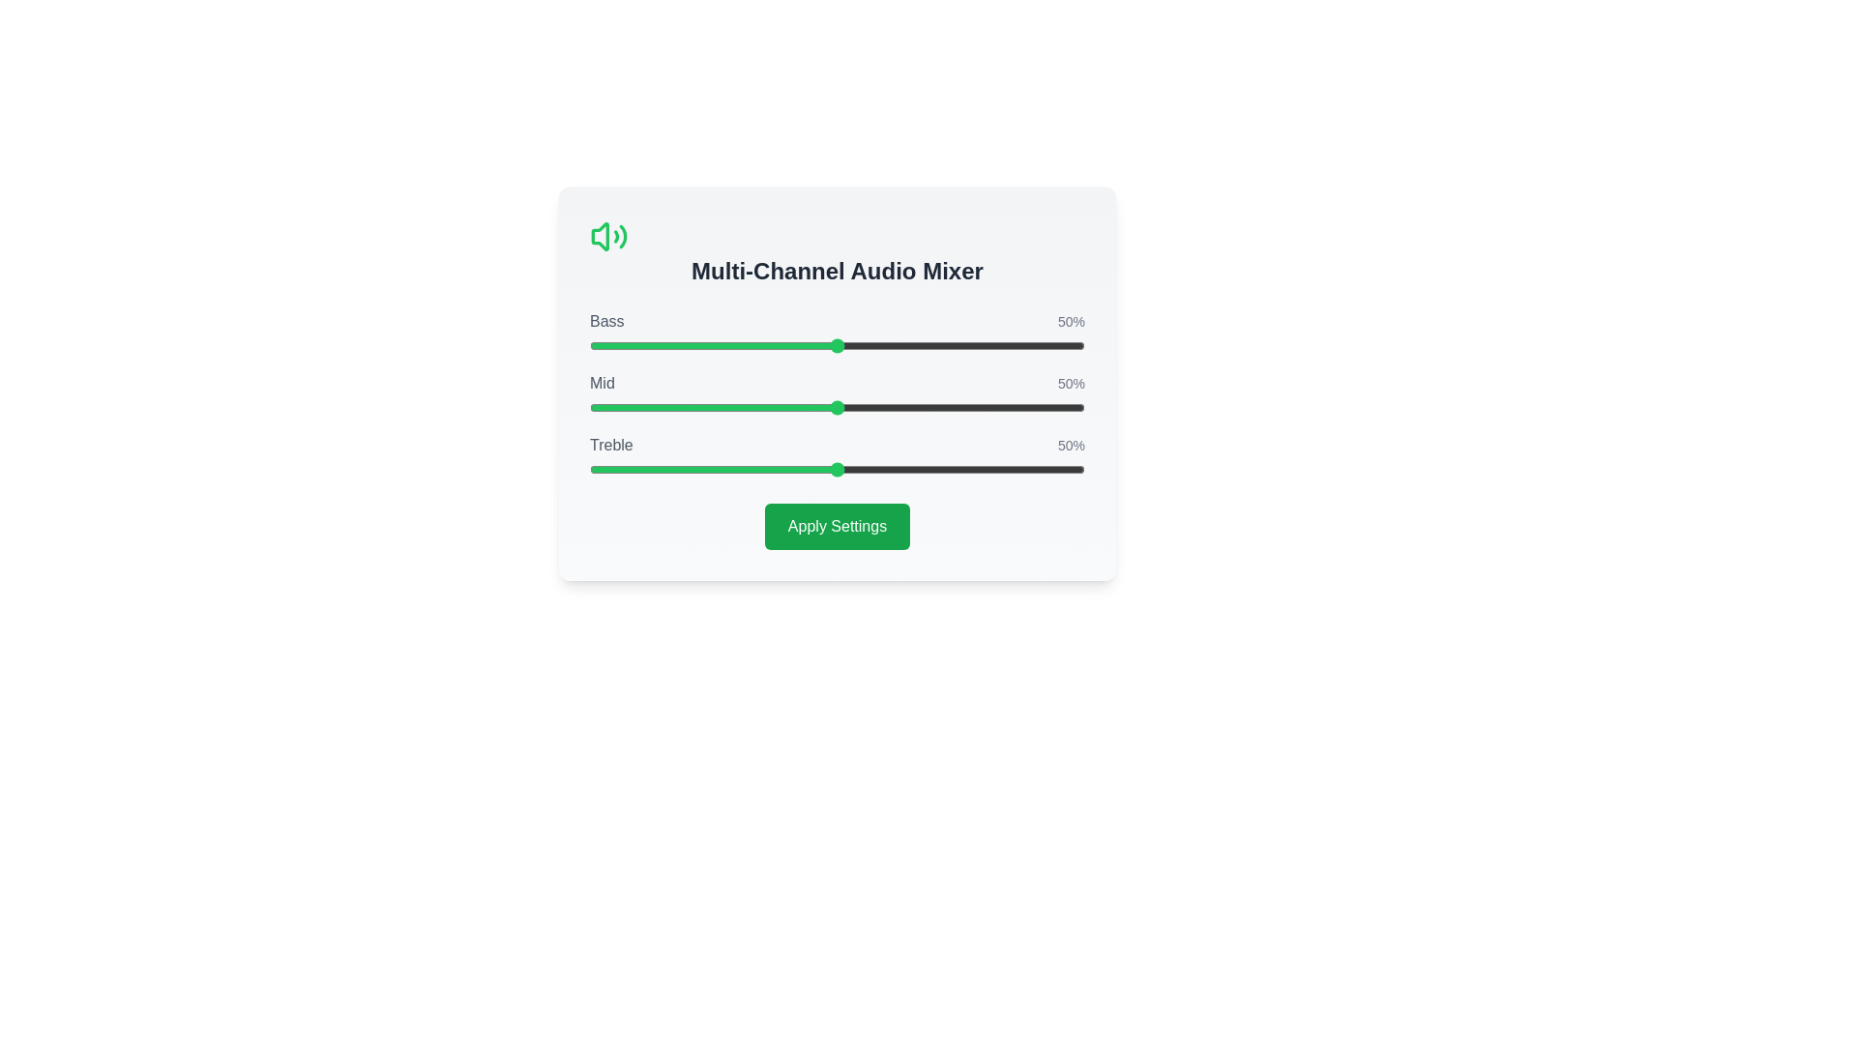 This screenshot has height=1044, width=1857. Describe the element at coordinates (837, 526) in the screenshot. I see `the 'Apply Settings' button to confirm the changes` at that location.